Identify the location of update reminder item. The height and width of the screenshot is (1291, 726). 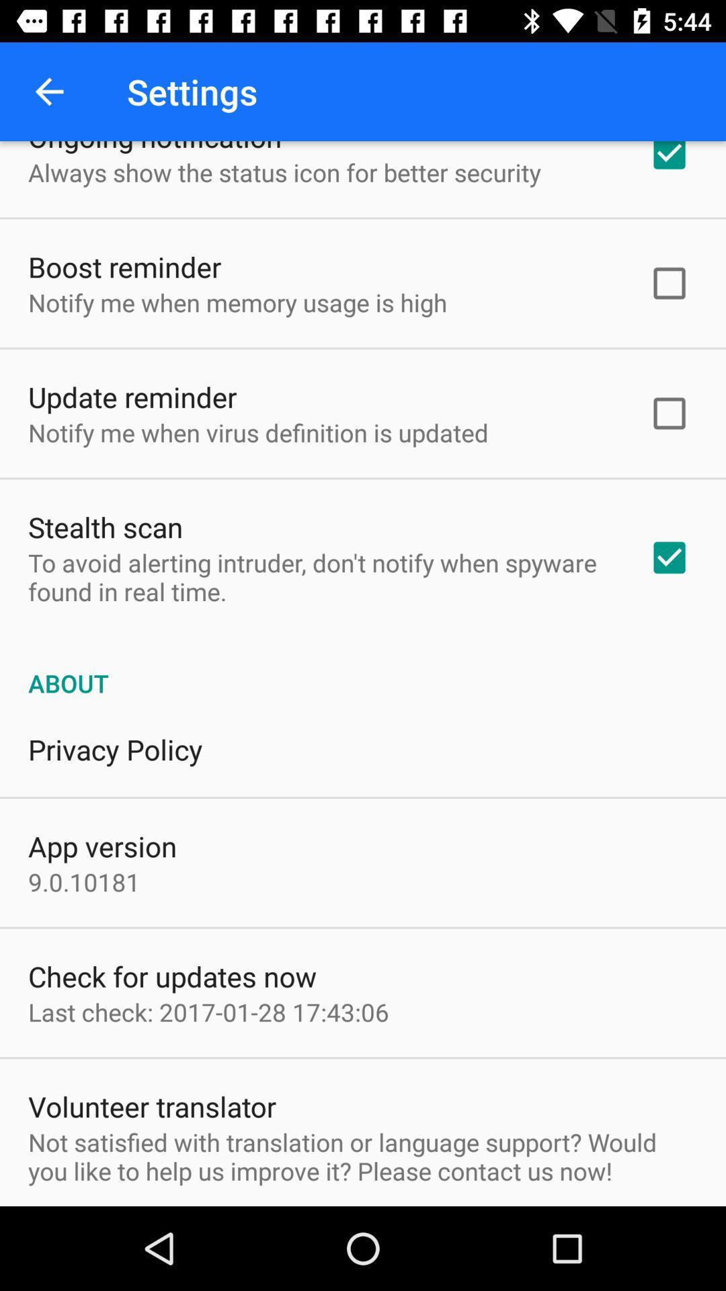
(132, 396).